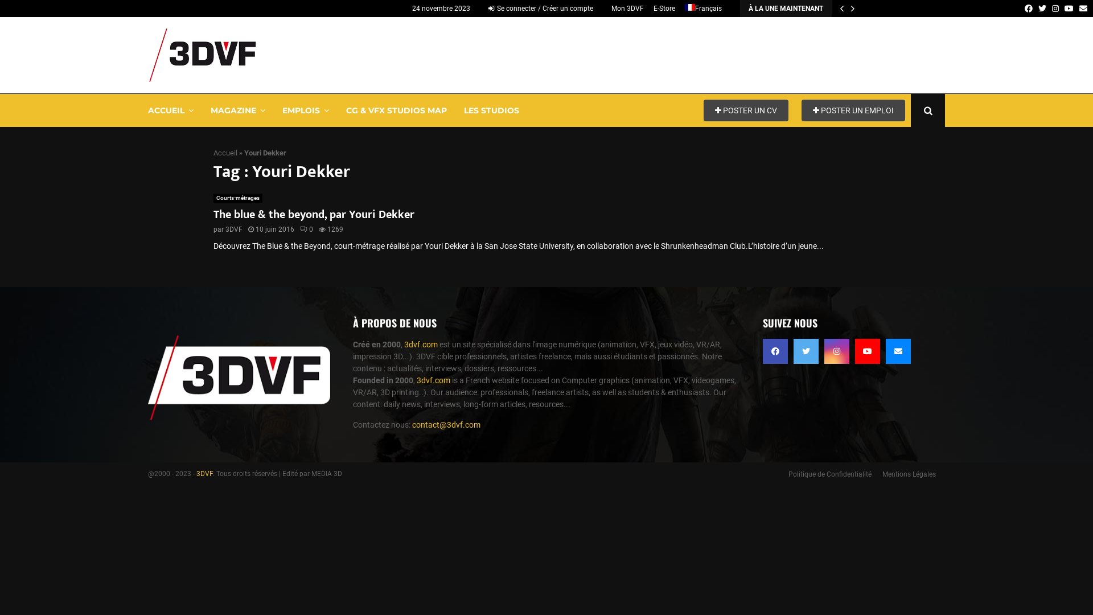 The width and height of the screenshot is (1093, 615). What do you see at coordinates (433, 380) in the screenshot?
I see `'3dvf.com'` at bounding box center [433, 380].